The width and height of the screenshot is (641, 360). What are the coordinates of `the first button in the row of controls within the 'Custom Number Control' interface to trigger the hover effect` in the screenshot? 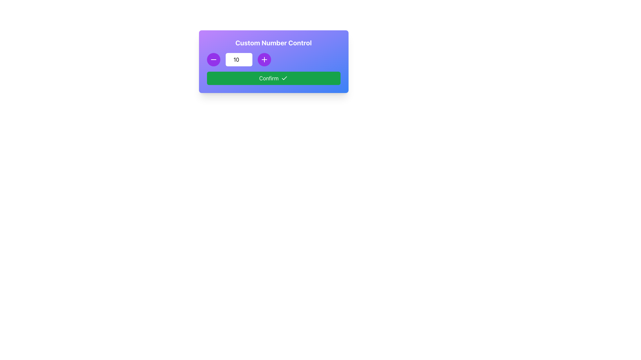 It's located at (213, 59).